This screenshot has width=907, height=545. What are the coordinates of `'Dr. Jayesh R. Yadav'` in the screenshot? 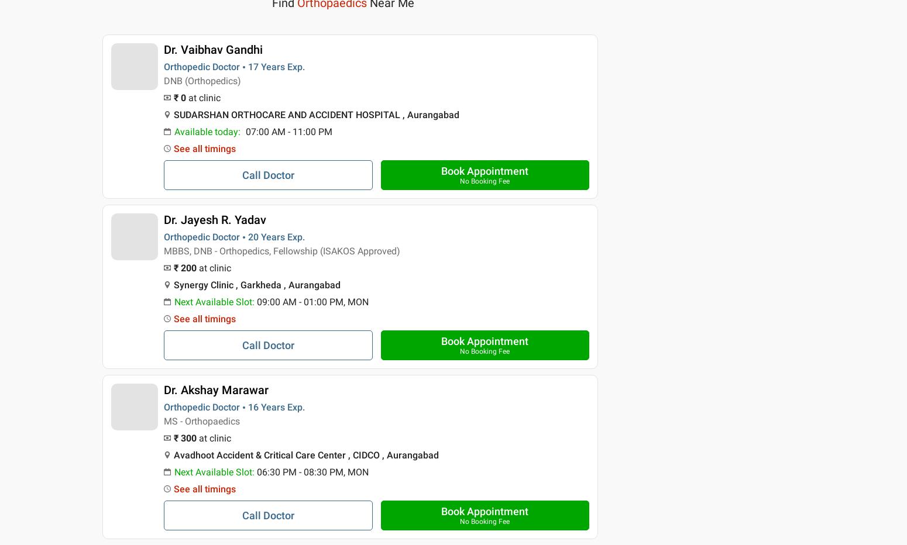 It's located at (163, 219).